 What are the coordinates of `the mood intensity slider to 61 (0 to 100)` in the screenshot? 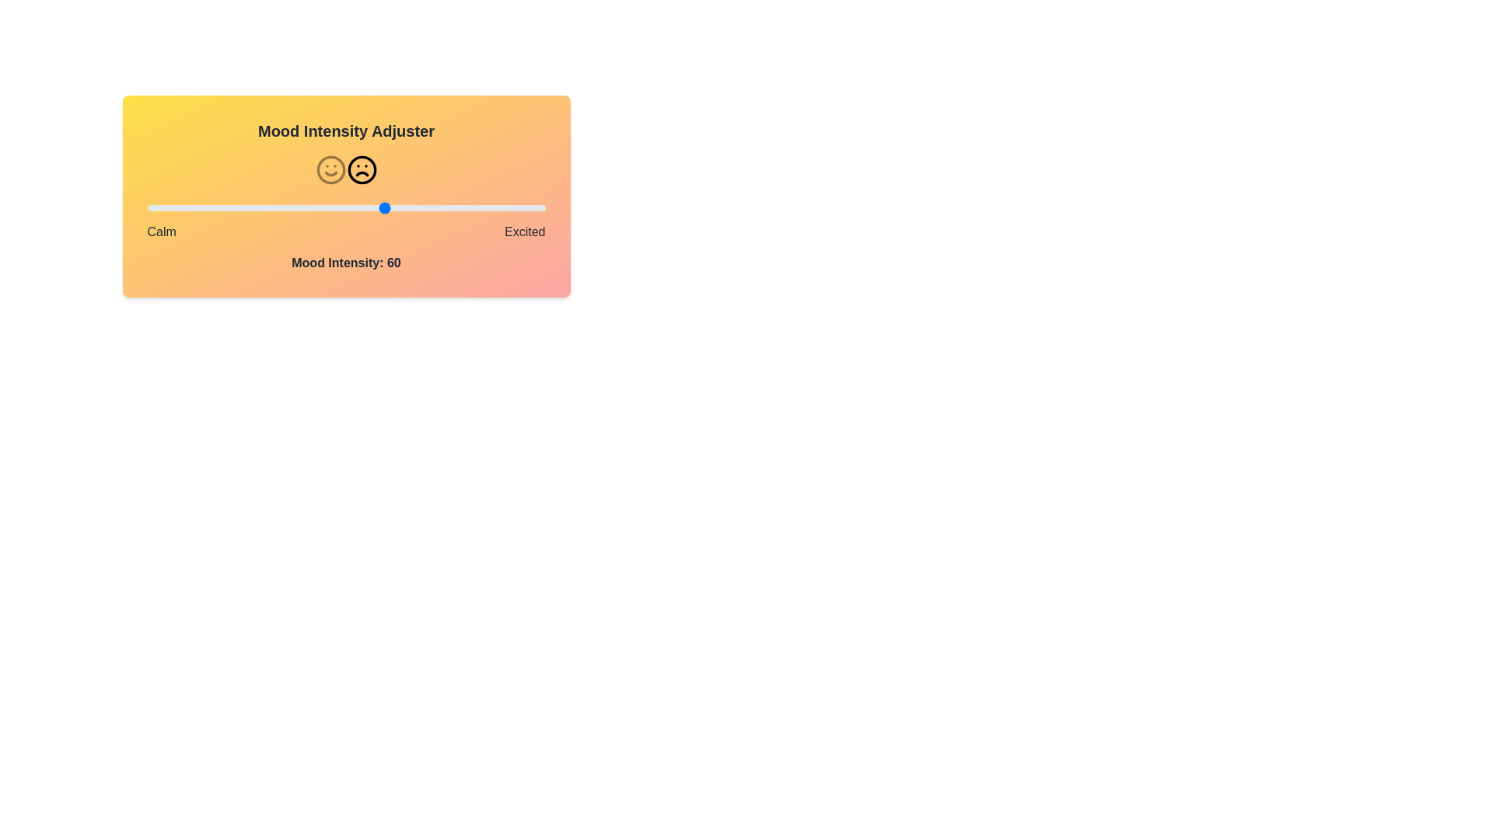 It's located at (390, 207).